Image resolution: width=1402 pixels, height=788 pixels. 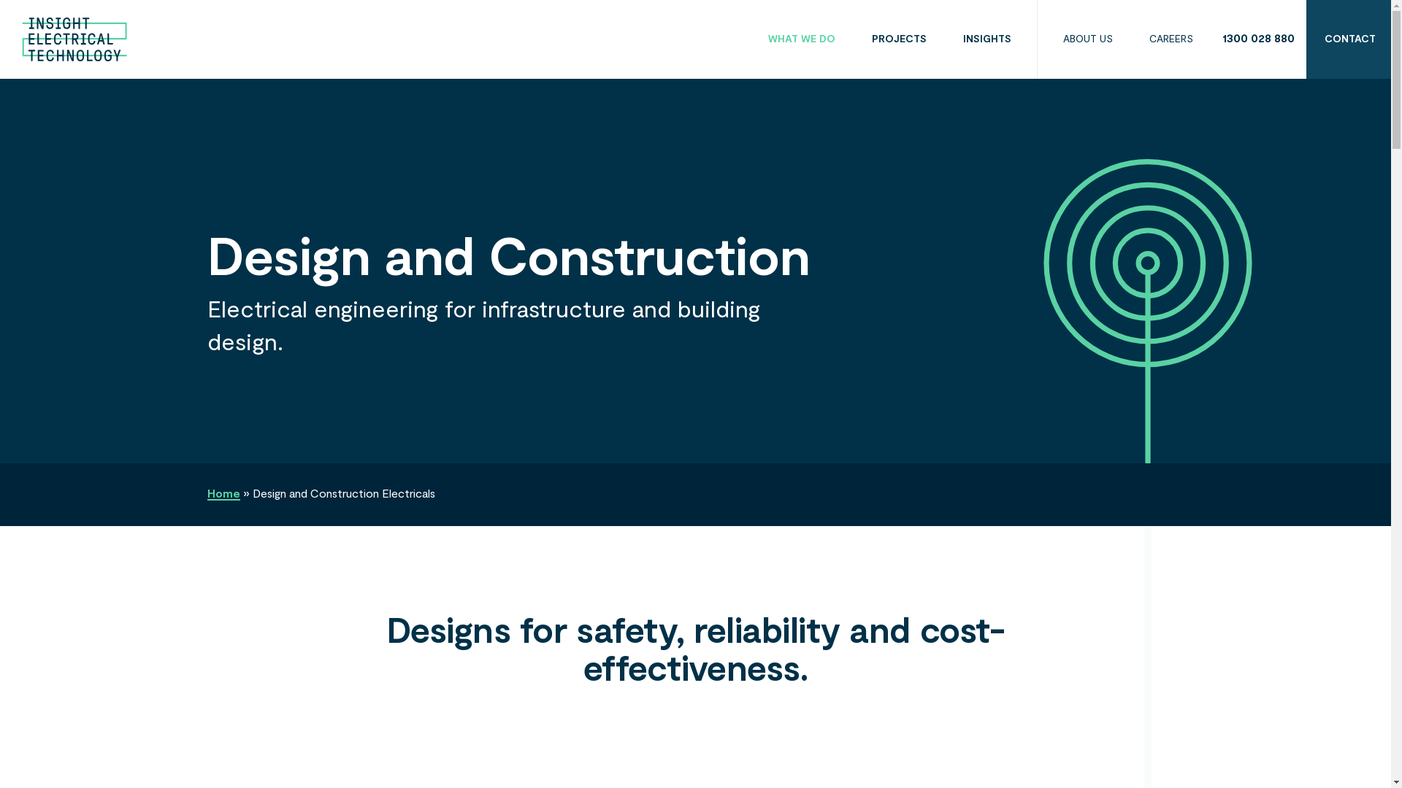 I want to click on 'CAREERS', so click(x=1171, y=39).